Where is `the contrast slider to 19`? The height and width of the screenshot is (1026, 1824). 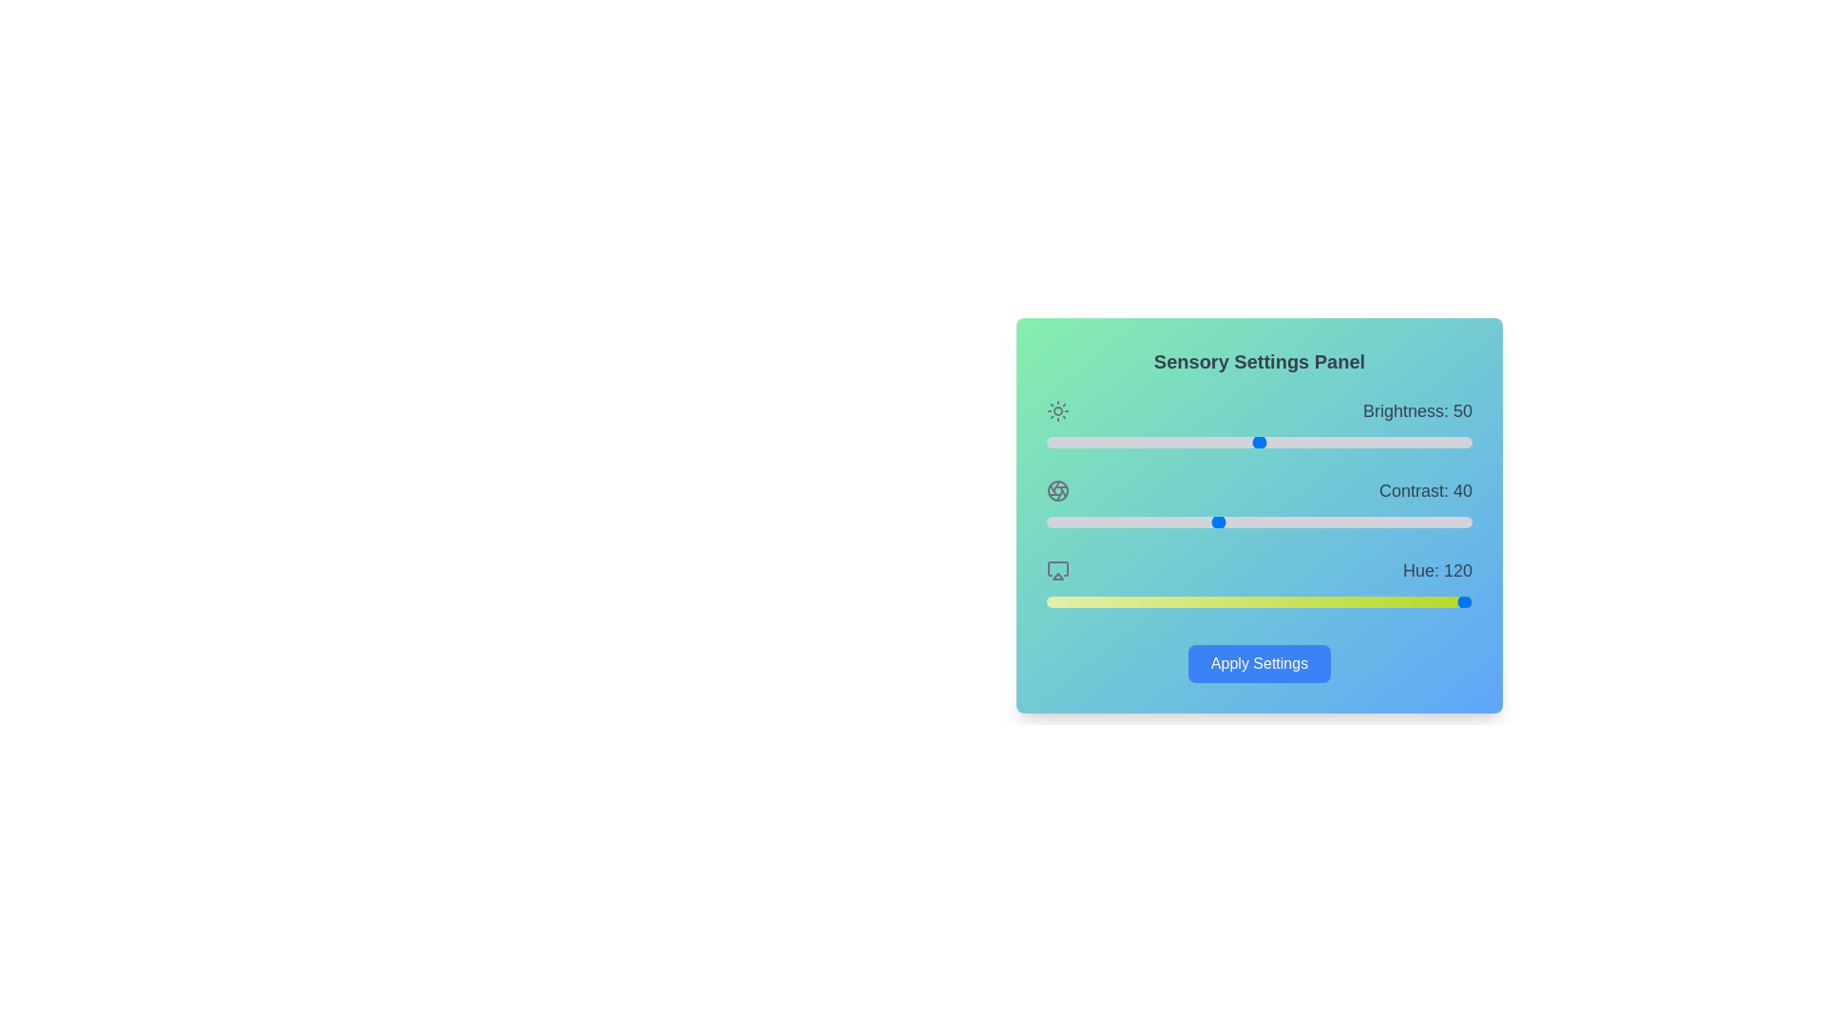 the contrast slider to 19 is located at coordinates (1128, 522).